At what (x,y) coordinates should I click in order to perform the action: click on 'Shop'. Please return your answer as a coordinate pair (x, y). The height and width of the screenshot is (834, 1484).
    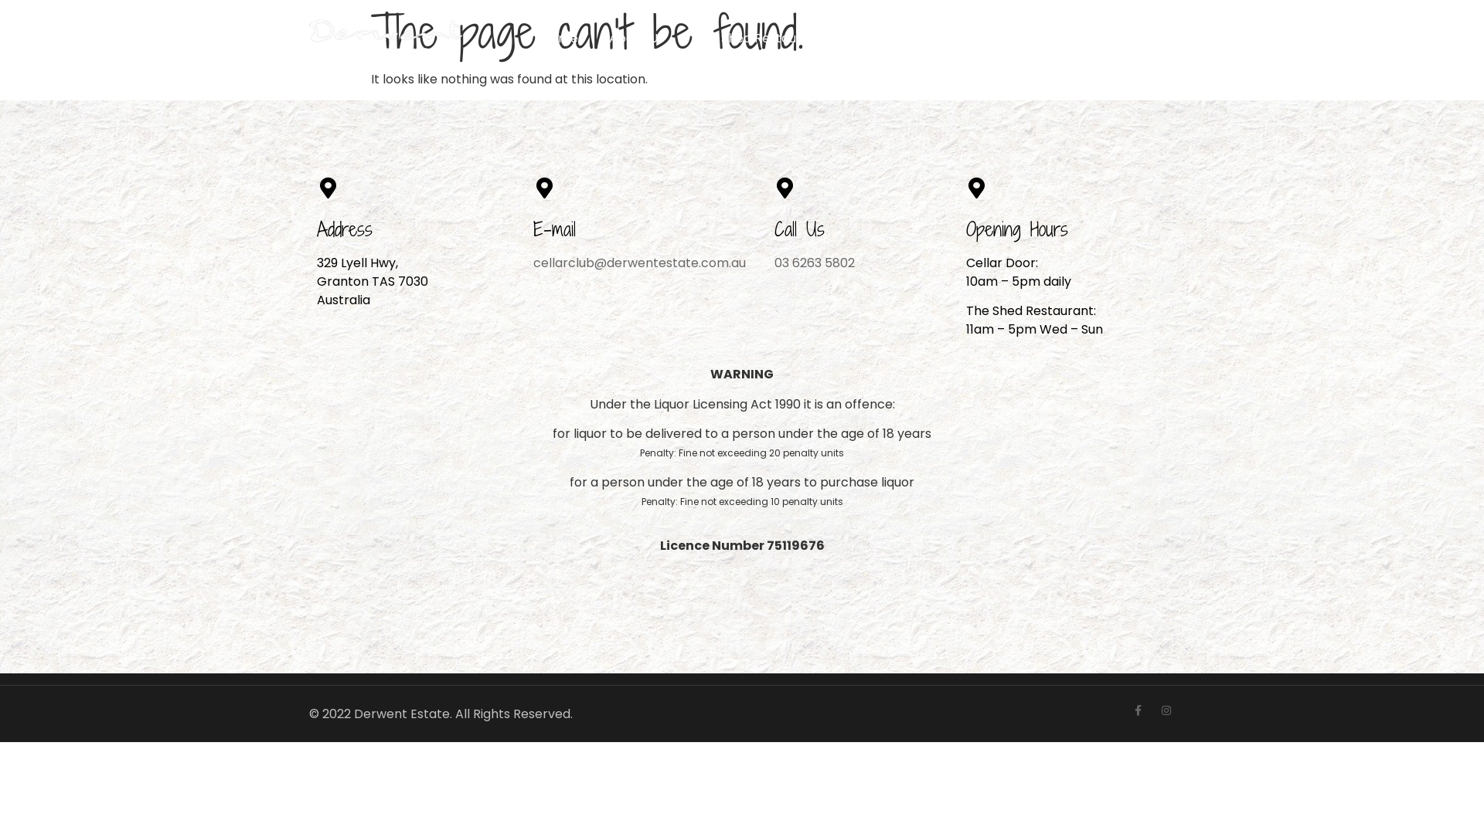
    Looking at the image, I should click on (837, 38).